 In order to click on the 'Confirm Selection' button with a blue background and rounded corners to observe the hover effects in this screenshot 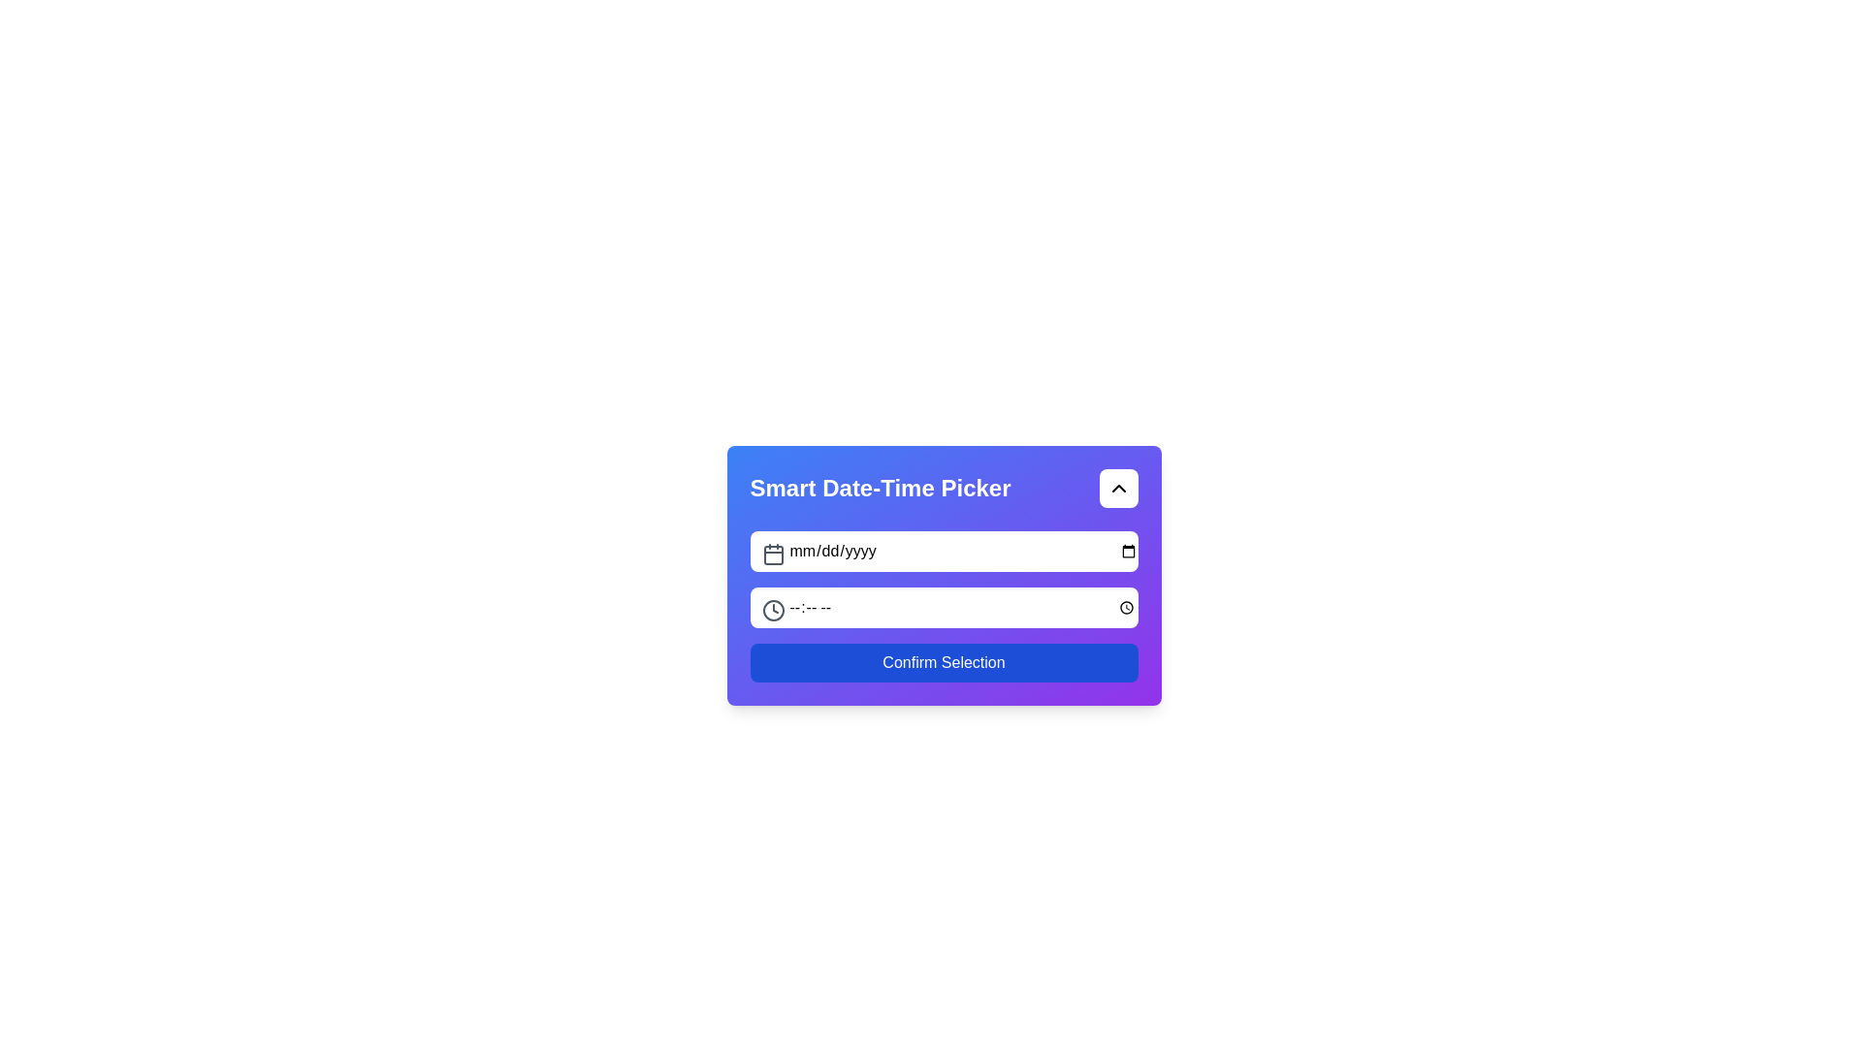, I will do `click(944, 661)`.